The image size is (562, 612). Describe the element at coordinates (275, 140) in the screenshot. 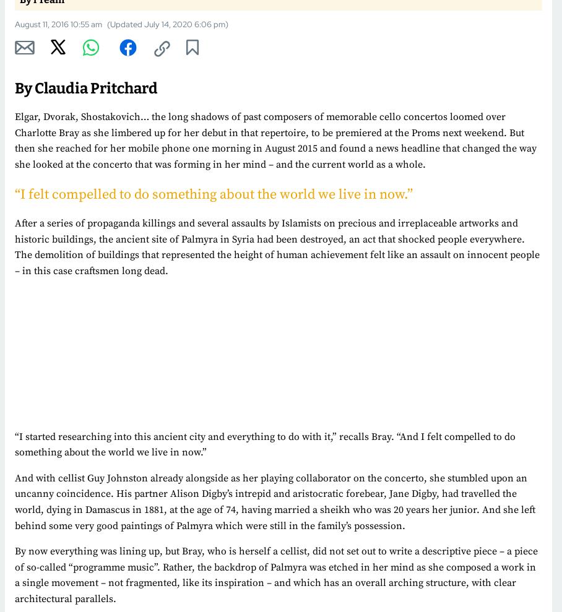

I see `'Elgar, Dvorak, Shostakovich… the long shadows of past composers of memorable cello concertos loomed over Charlotte Bray as she limbered up for her debut in that repertoire, to be premiered at the Proms next weekend. But then she reached for her mobile phone one morning in August 2015 and found a news headline that changed the way she looked at the concerto that was forming in her mind – and the current world as a whole.'` at that location.